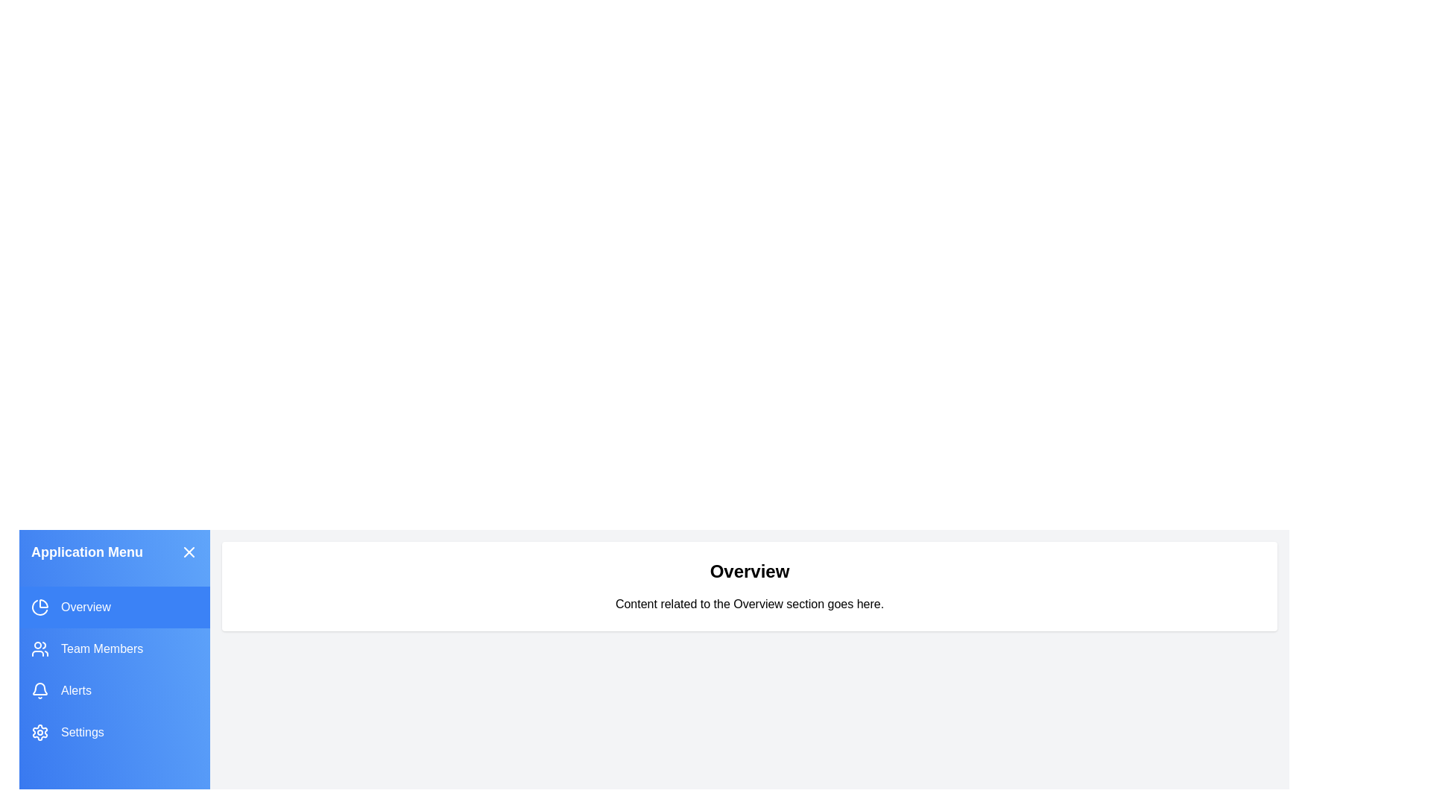  What do you see at coordinates (113, 648) in the screenshot?
I see `the menu section Team Members by clicking on it` at bounding box center [113, 648].